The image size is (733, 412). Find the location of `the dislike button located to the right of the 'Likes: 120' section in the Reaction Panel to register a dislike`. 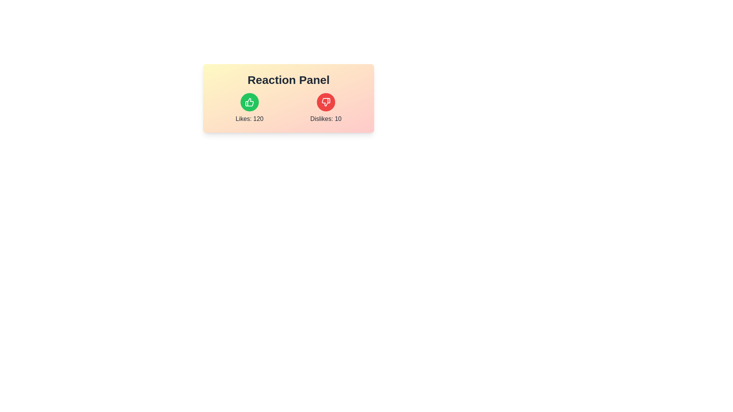

the dislike button located to the right of the 'Likes: 120' section in the Reaction Panel to register a dislike is located at coordinates (326, 108).